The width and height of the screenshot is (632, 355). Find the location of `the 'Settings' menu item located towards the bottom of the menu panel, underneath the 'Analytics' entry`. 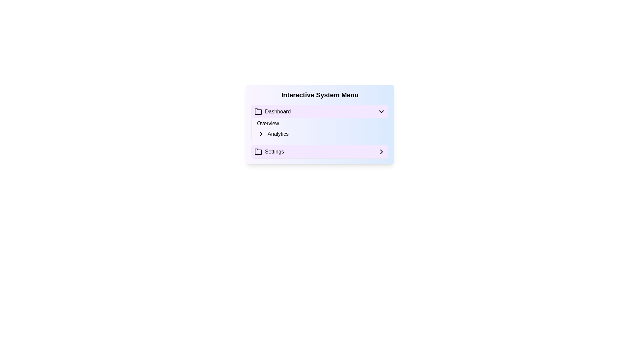

the 'Settings' menu item located towards the bottom of the menu panel, underneath the 'Analytics' entry is located at coordinates (269, 152).